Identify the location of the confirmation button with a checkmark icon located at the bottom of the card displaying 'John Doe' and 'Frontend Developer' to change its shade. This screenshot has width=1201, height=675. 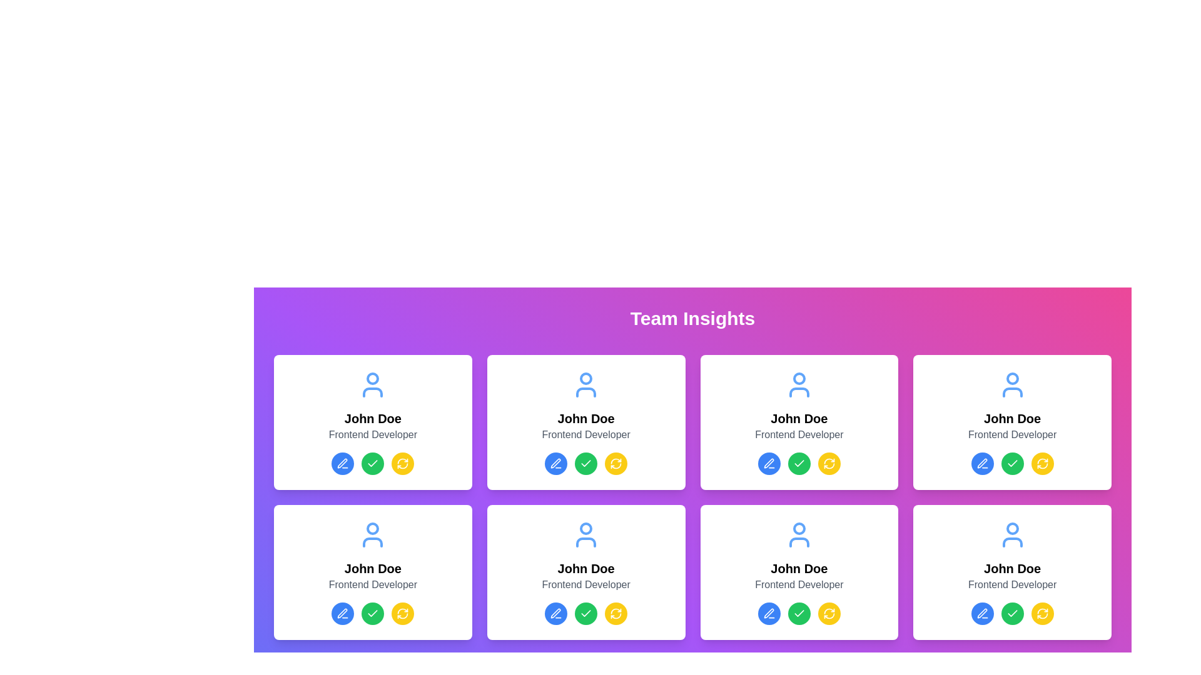
(798, 613).